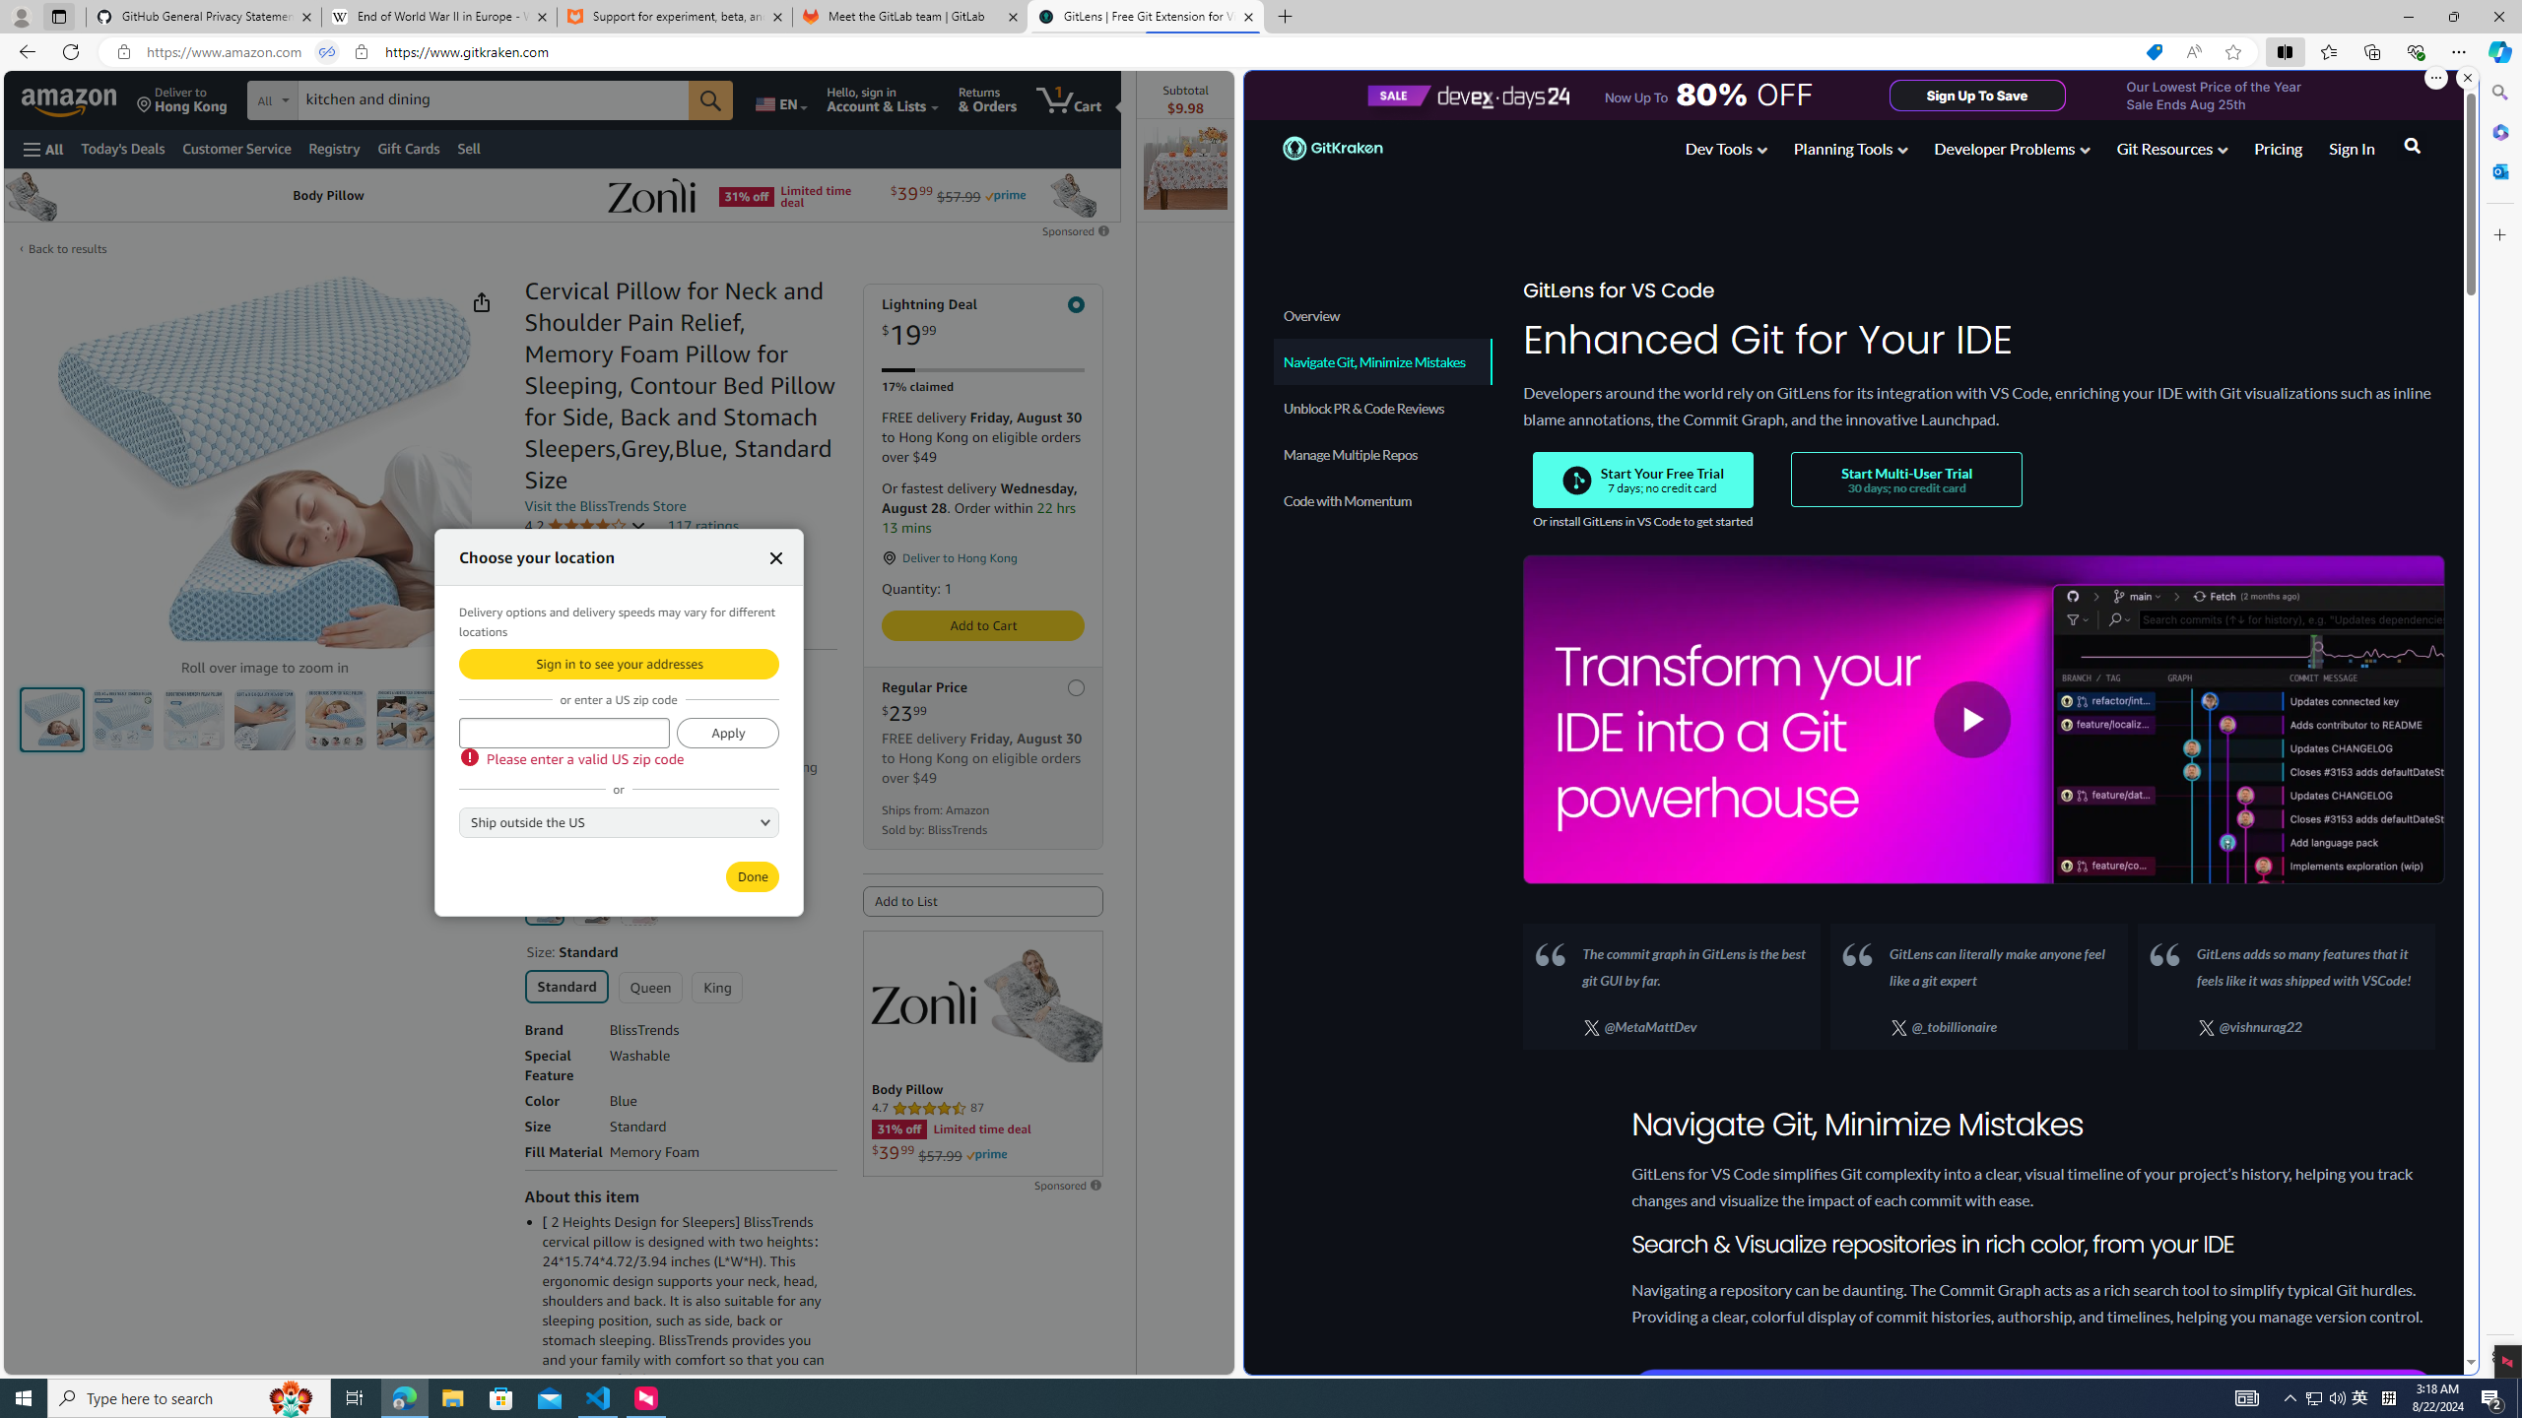 Image resolution: width=2522 pixels, height=1418 pixels. Describe the element at coordinates (883, 98) in the screenshot. I see `'Hello, sign in Account & Lists'` at that location.